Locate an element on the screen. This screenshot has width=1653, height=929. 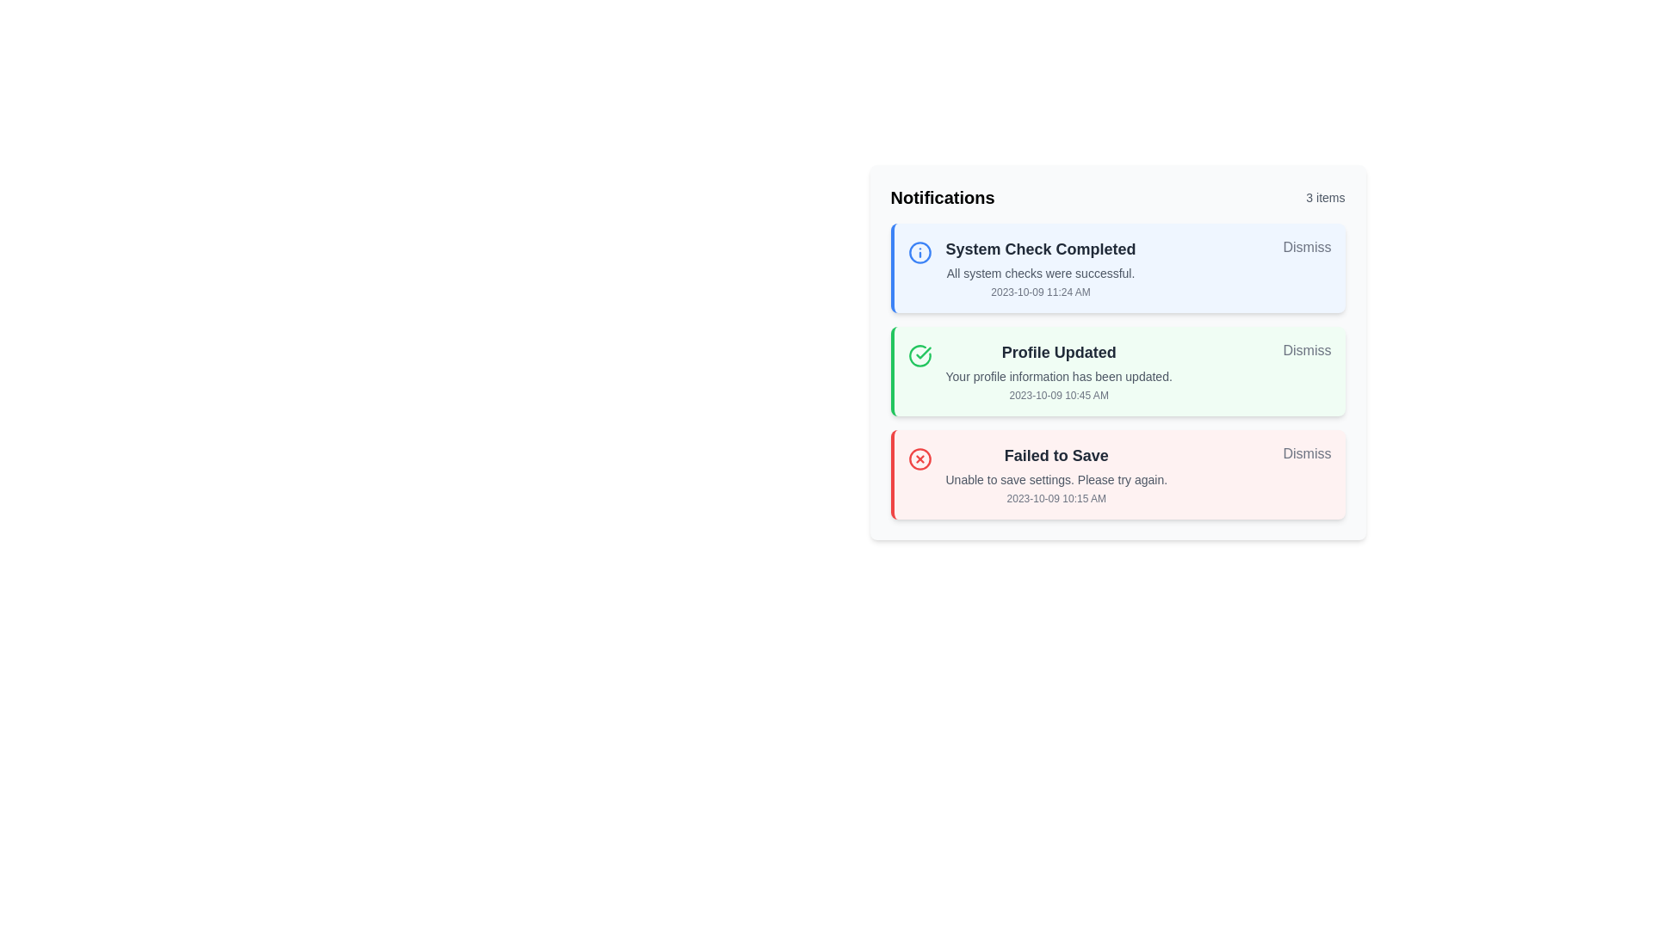
the success message text label located below the 'Profile Updated' header and above the timestamp '2023-10-09 10:45 AM' is located at coordinates (1058, 384).